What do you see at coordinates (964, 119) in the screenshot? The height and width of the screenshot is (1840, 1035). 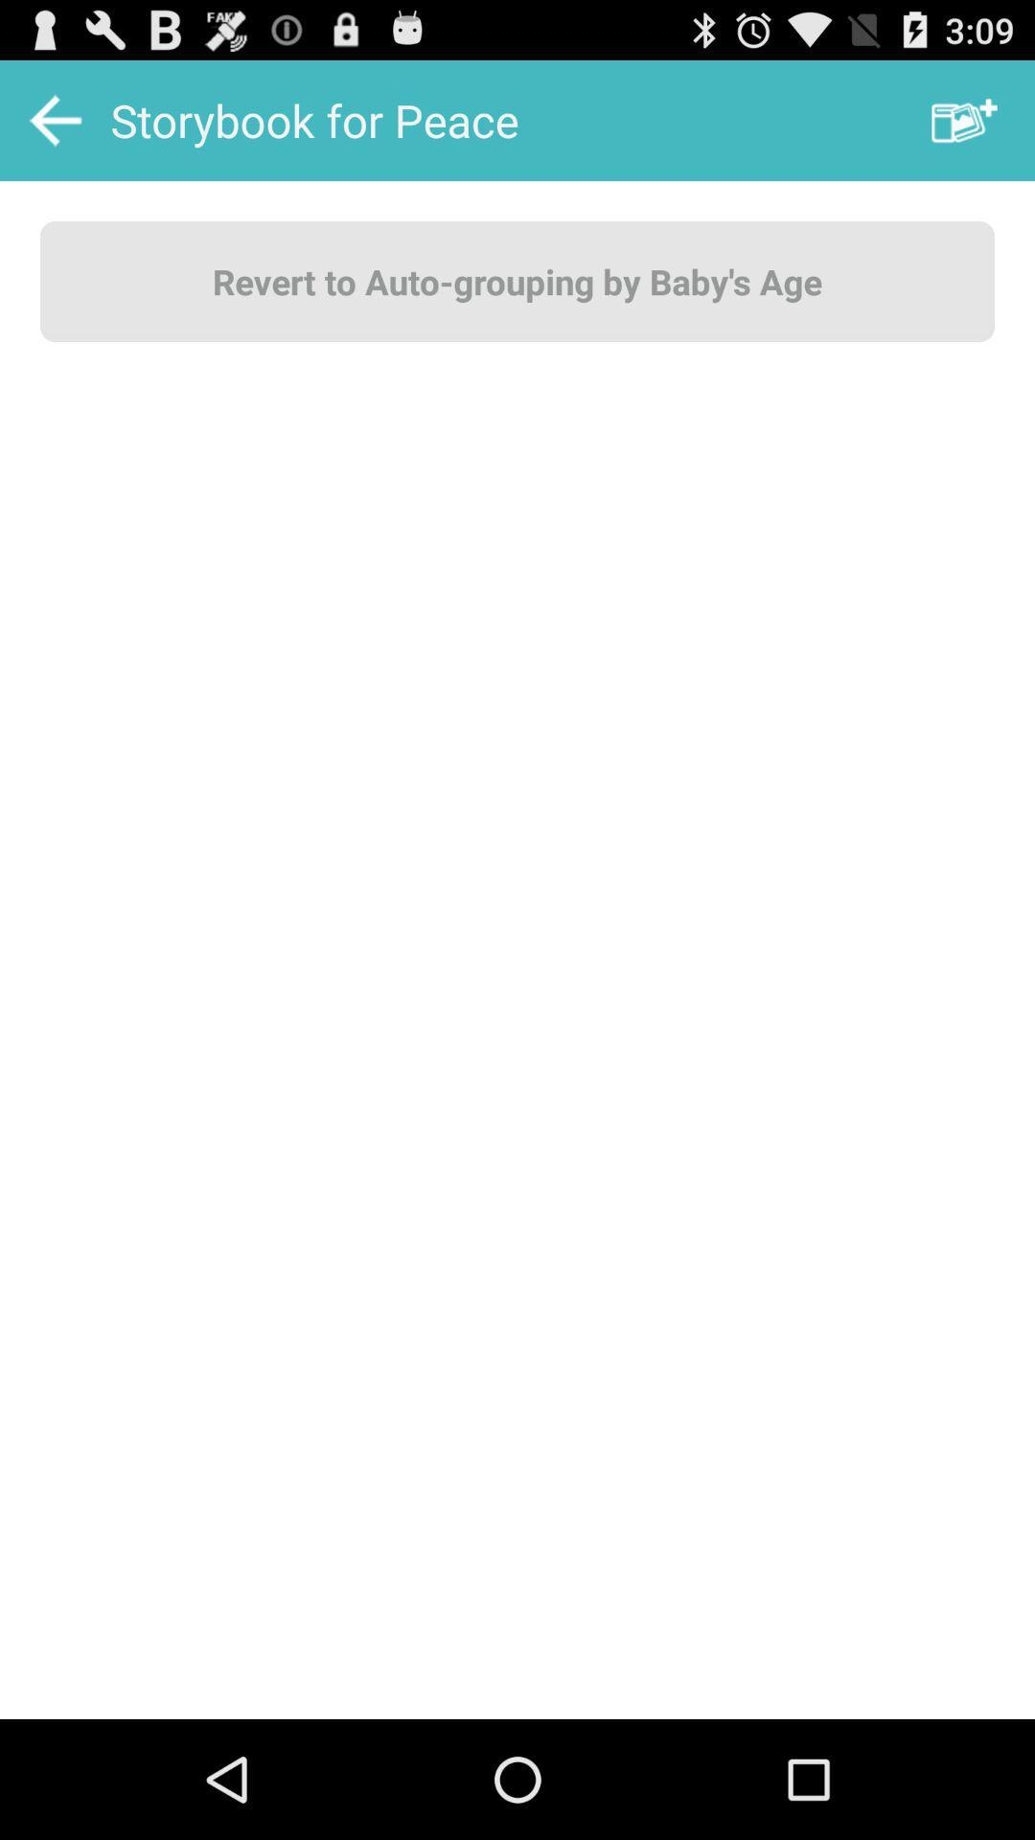 I see `item at the top right corner` at bounding box center [964, 119].